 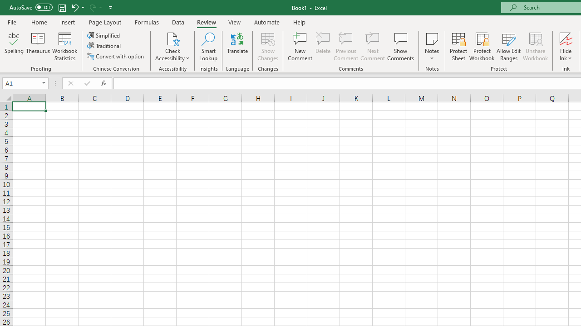 I want to click on 'Delete', so click(x=323, y=47).